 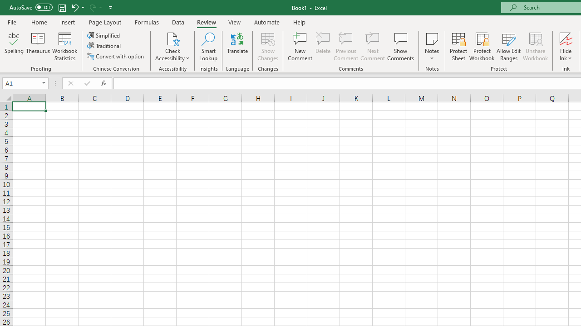 I want to click on 'Delete', so click(x=323, y=47).